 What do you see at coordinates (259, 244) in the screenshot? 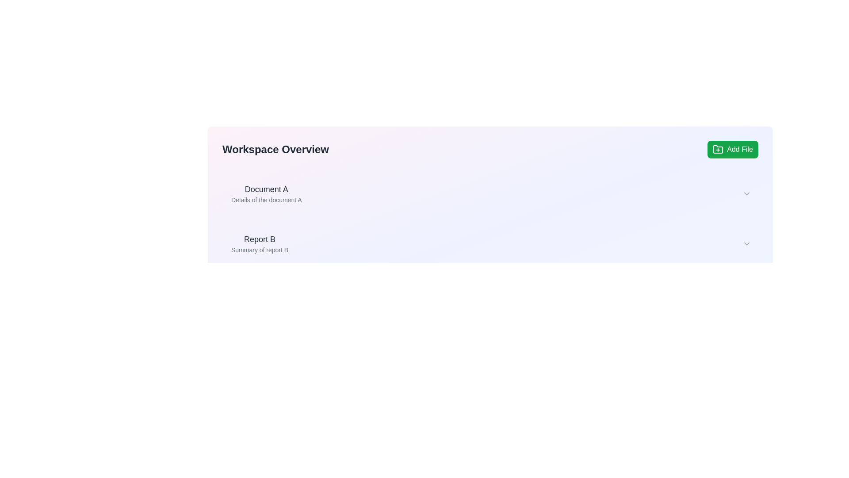
I see `the Text display element titled 'Report B'` at bounding box center [259, 244].